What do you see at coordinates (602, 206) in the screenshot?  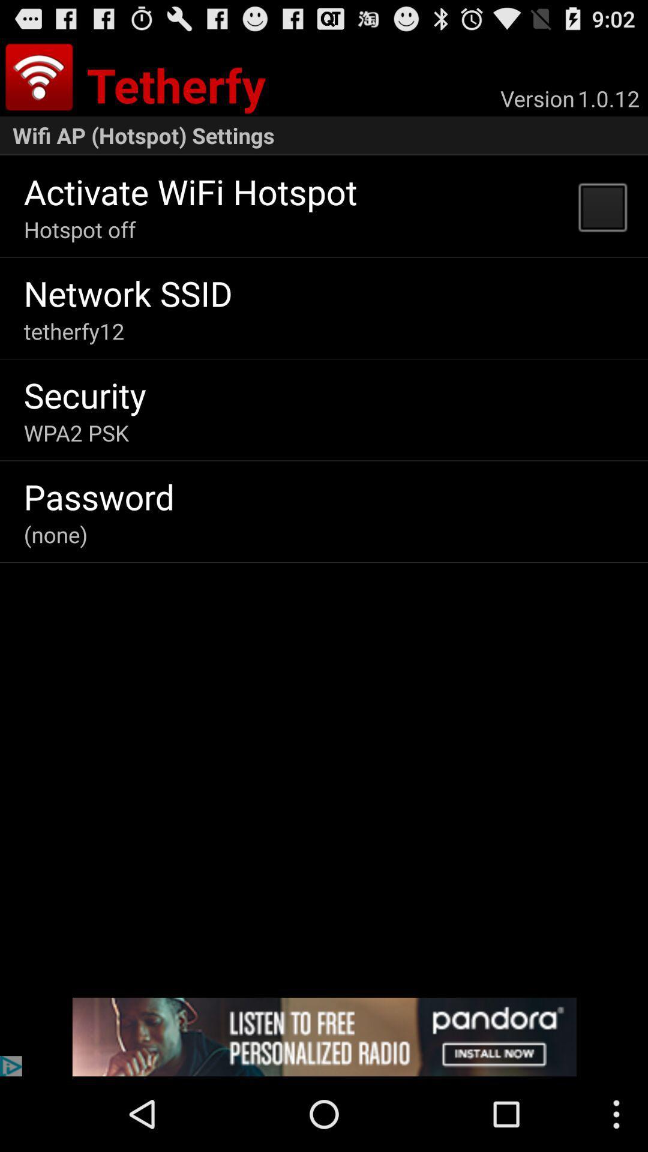 I see `app below wifi ap hotspot` at bounding box center [602, 206].